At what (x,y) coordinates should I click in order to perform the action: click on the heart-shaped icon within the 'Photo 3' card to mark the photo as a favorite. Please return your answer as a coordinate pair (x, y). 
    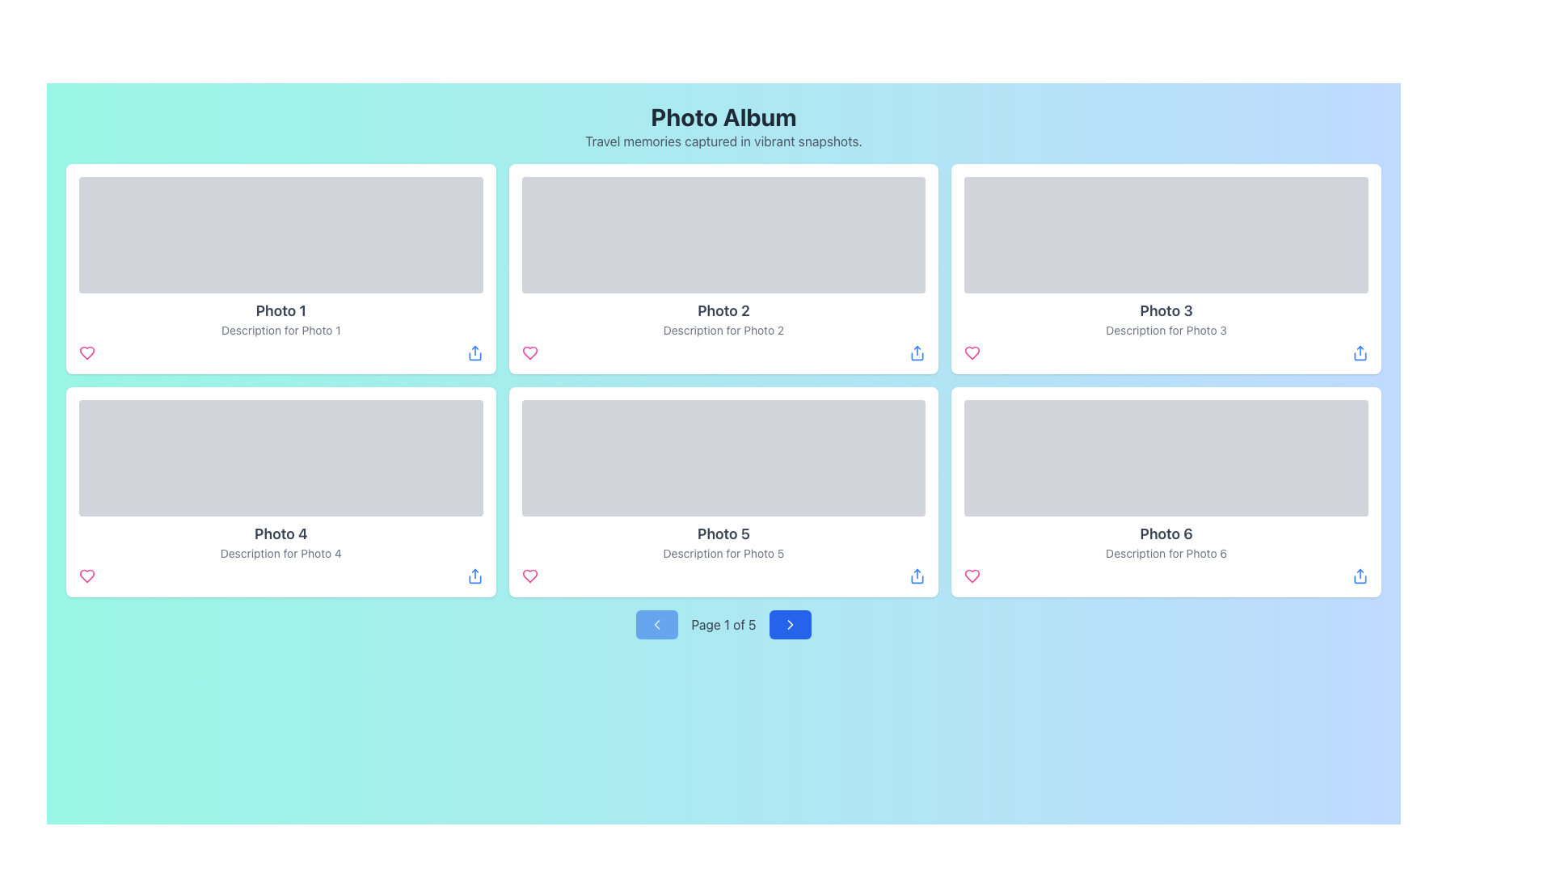
    Looking at the image, I should click on (972, 352).